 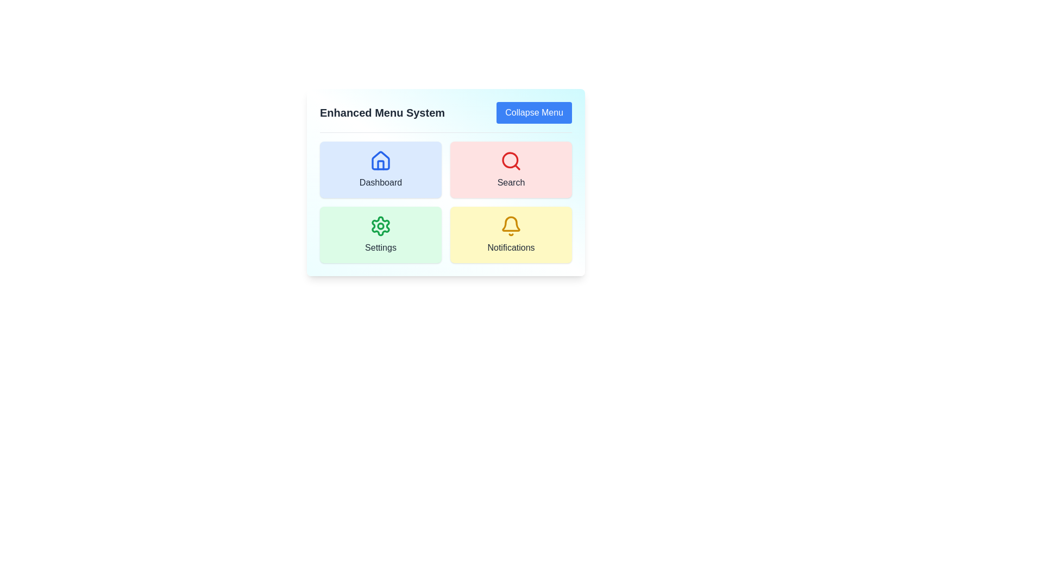 What do you see at coordinates (380, 182) in the screenshot?
I see `the purpose of the text label element that displays 'Dashboard' within the light blue button, which is positioned` at bounding box center [380, 182].